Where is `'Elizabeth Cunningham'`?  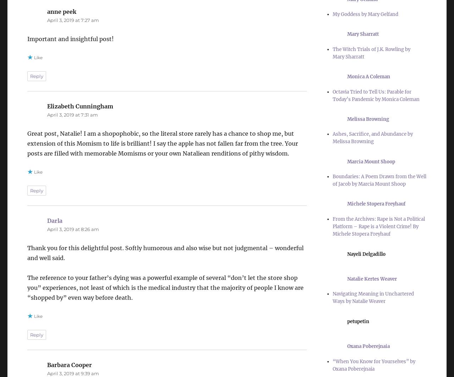 'Elizabeth Cunningham' is located at coordinates (80, 106).